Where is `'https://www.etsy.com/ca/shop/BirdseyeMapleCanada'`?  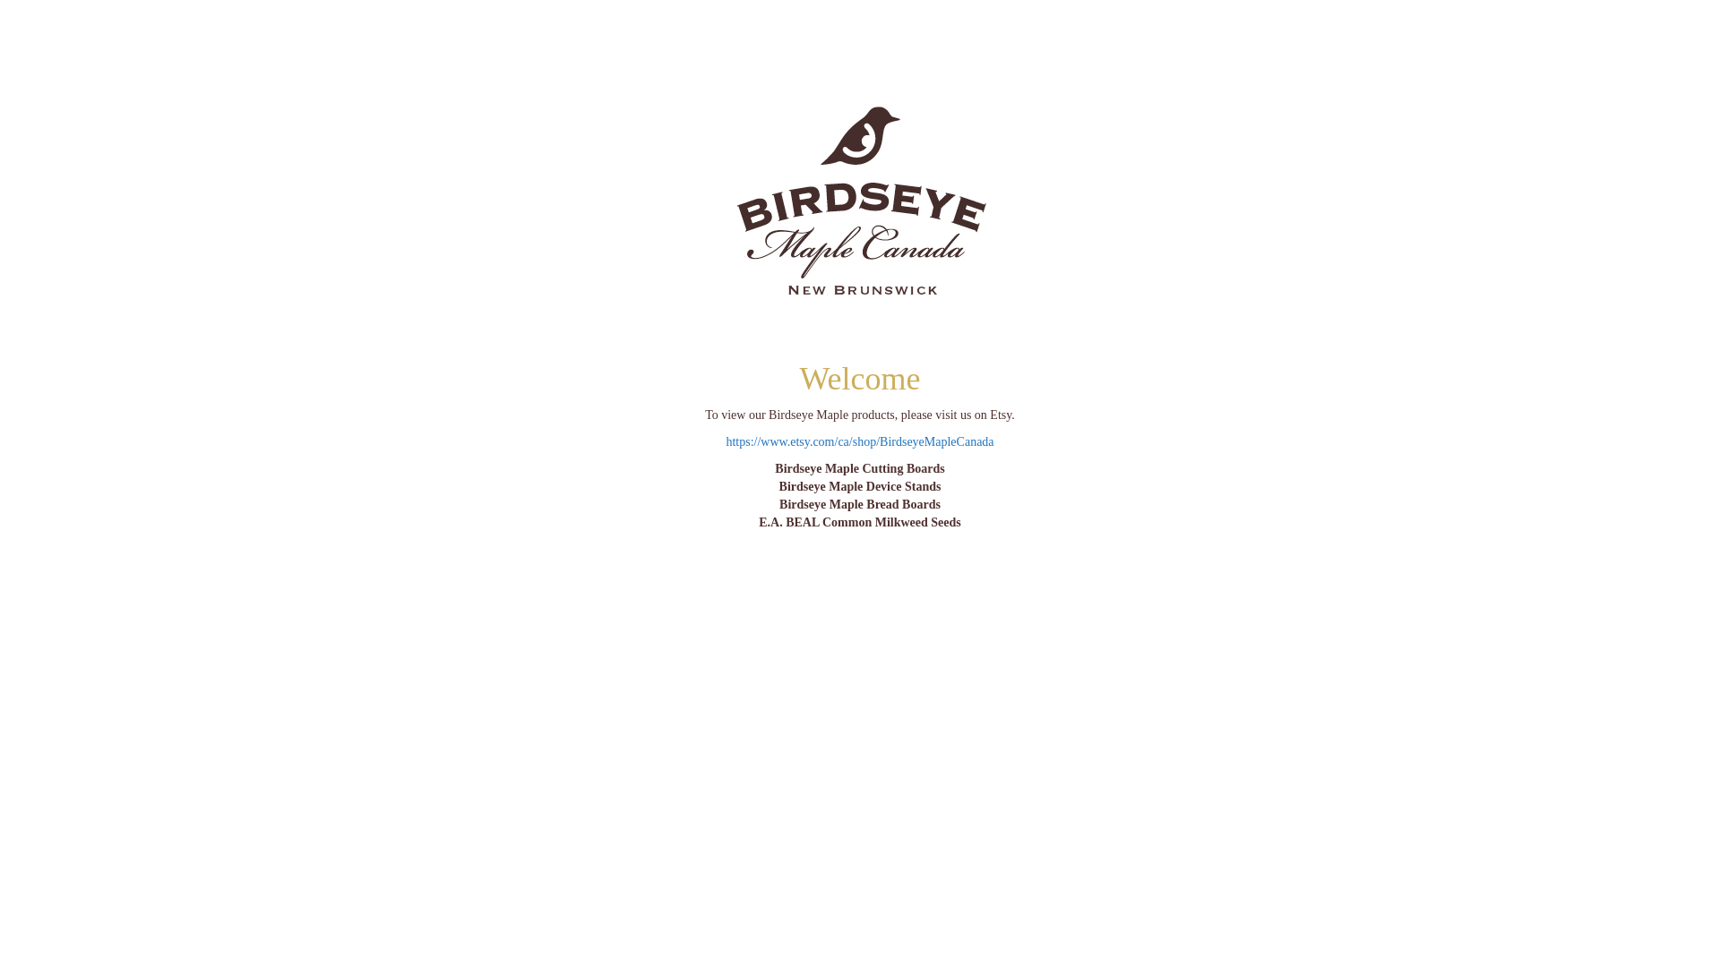 'https://www.etsy.com/ca/shop/BirdseyeMapleCanada' is located at coordinates (858, 441).